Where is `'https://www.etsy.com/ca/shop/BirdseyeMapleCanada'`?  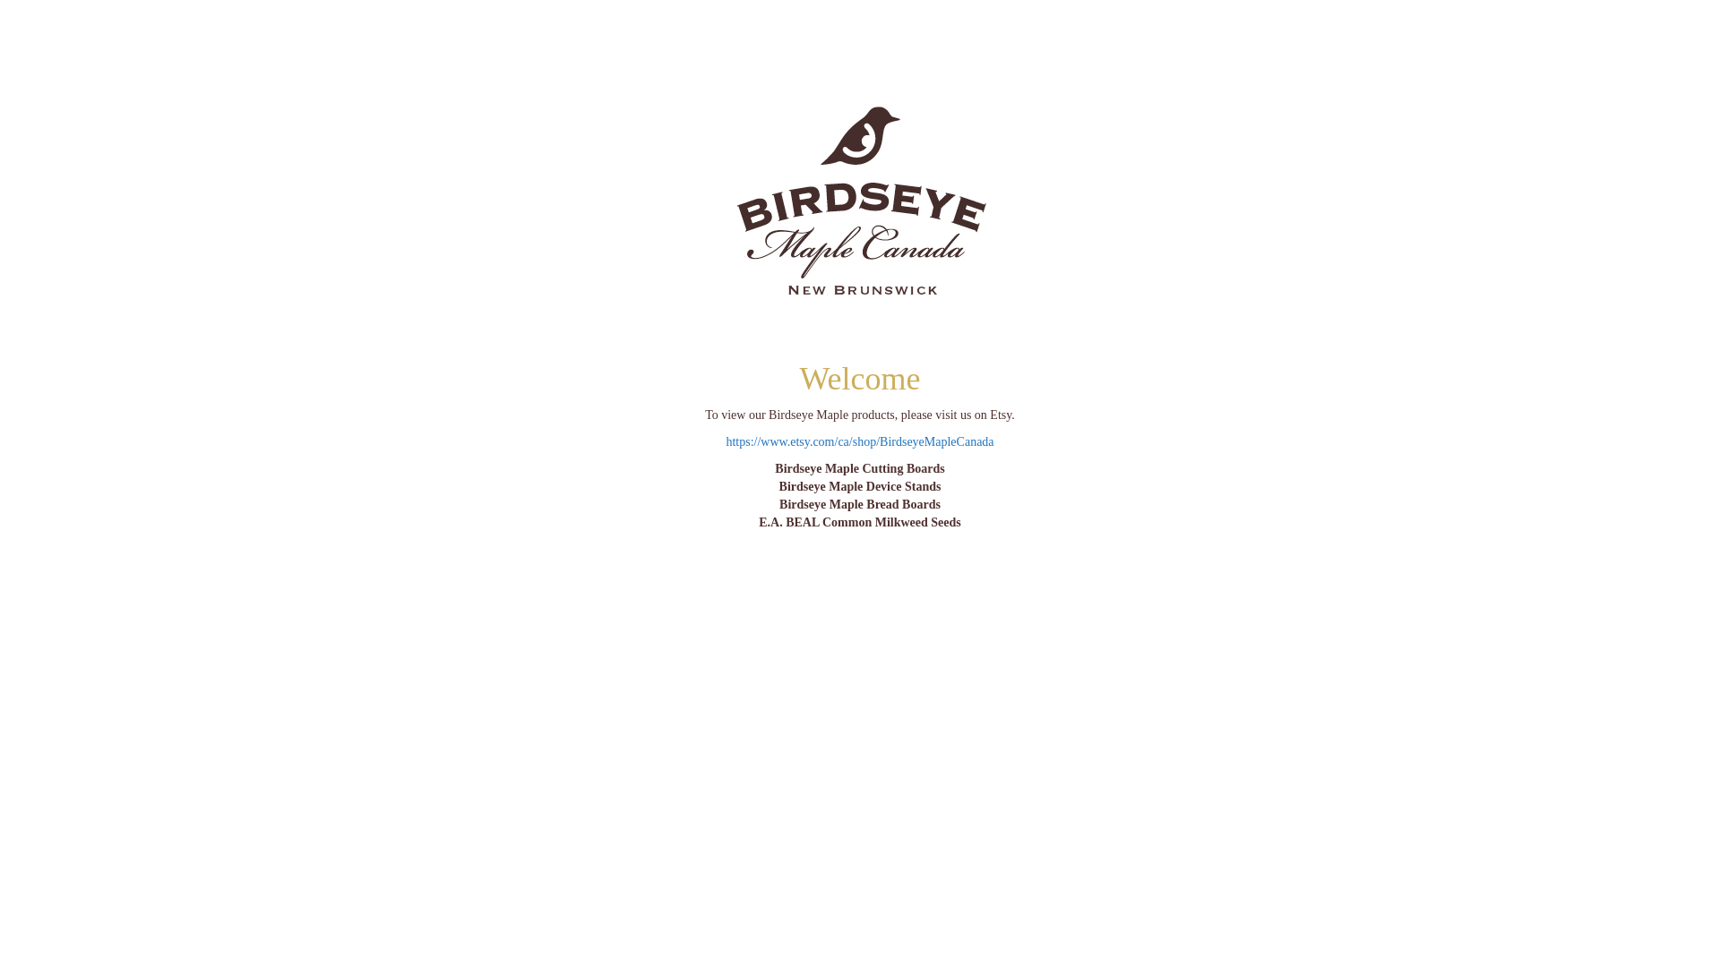 'https://www.etsy.com/ca/shop/BirdseyeMapleCanada' is located at coordinates (858, 441).